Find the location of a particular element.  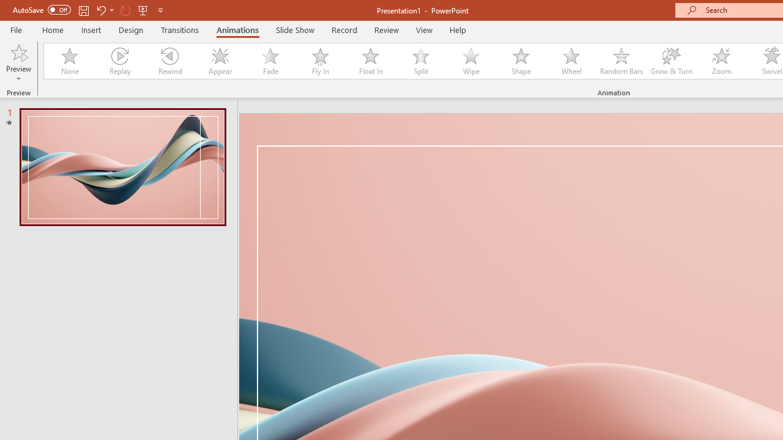

'Rewind' is located at coordinates (169, 61).